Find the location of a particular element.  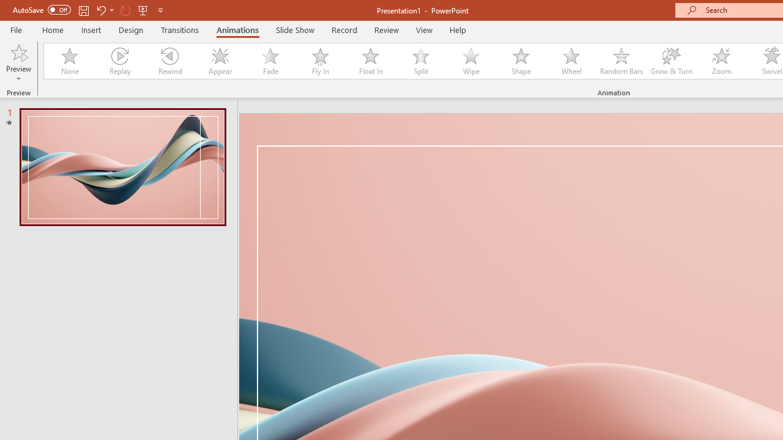

'Rewind' is located at coordinates (169, 61).